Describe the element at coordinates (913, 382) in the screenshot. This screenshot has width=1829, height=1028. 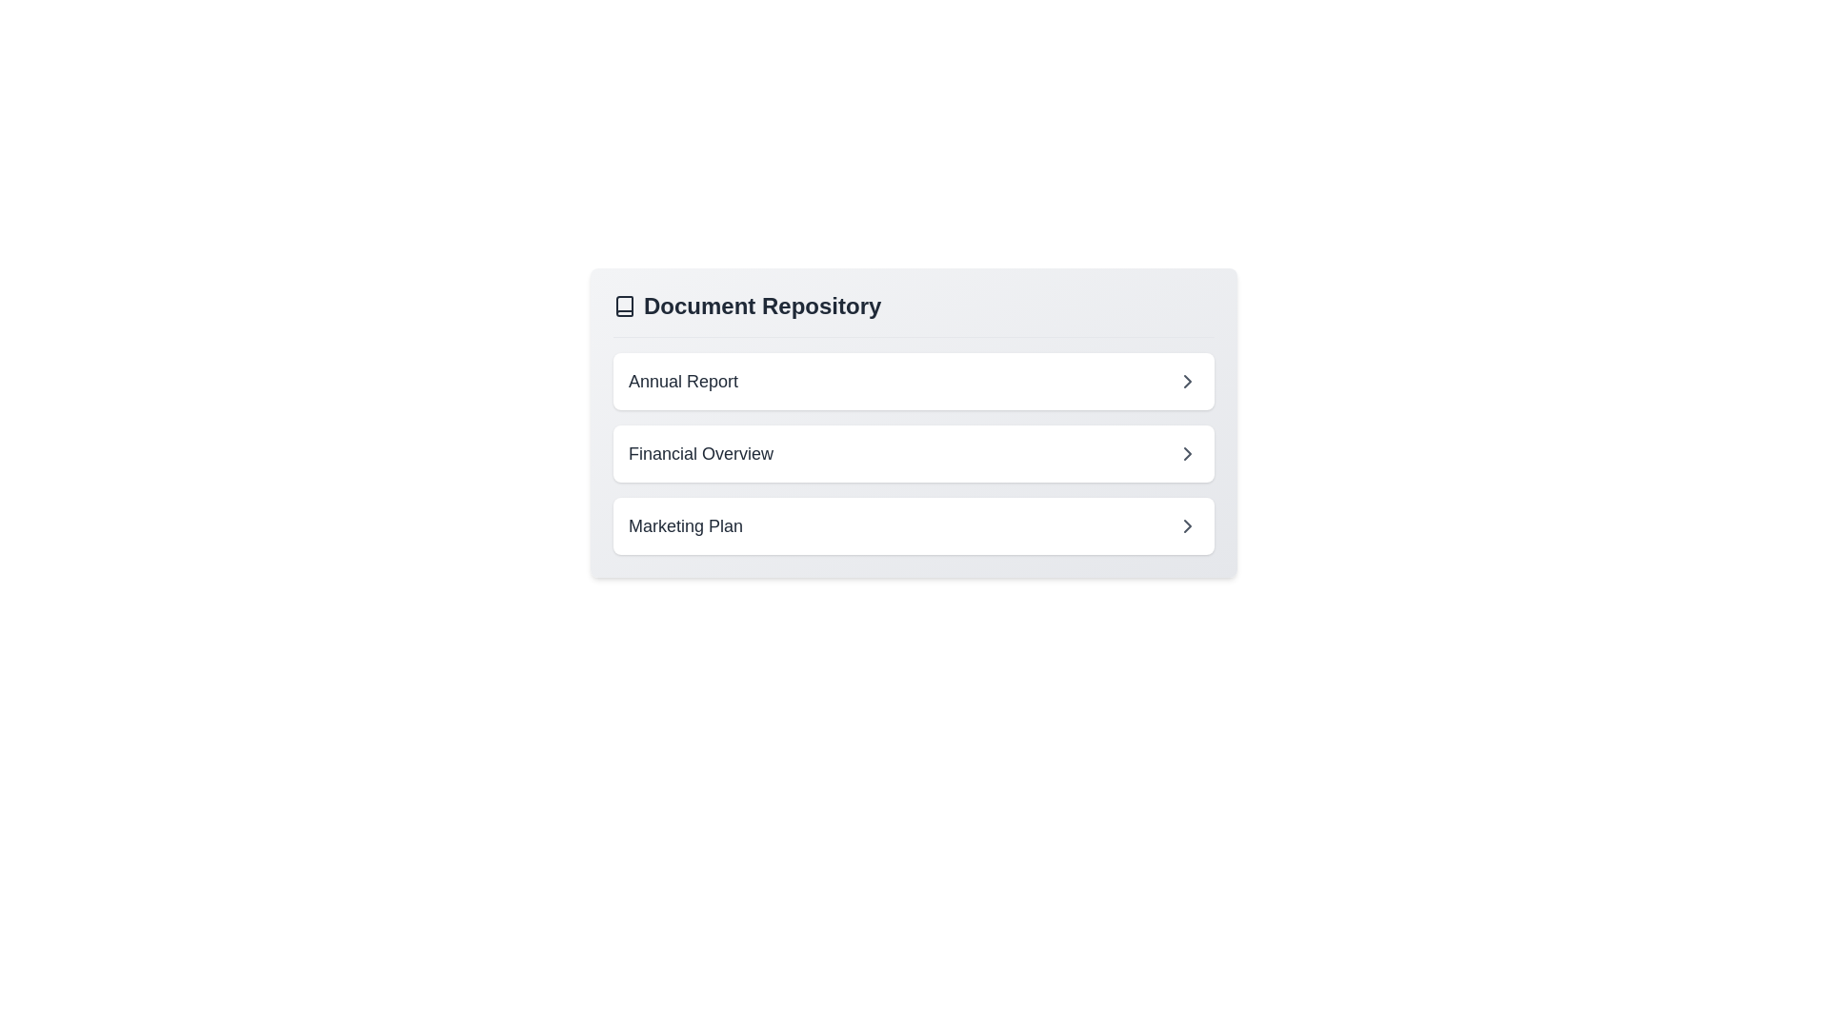
I see `the 'Annual Report' button-like list item` at that location.